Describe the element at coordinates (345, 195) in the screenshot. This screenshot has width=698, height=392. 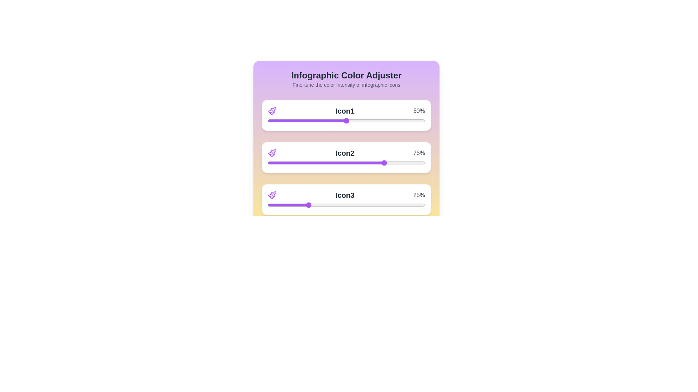
I see `the label of Icon3 to focus on its description` at that location.